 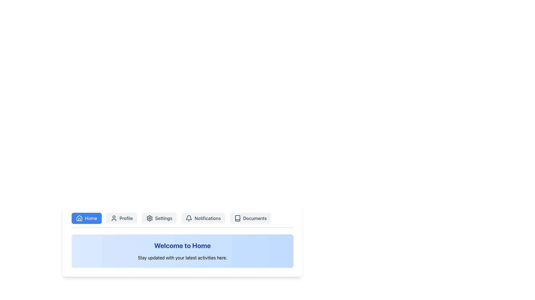 I want to click on the 'Settings' navigation button located in the horizontal navigation bar, so click(x=159, y=218).